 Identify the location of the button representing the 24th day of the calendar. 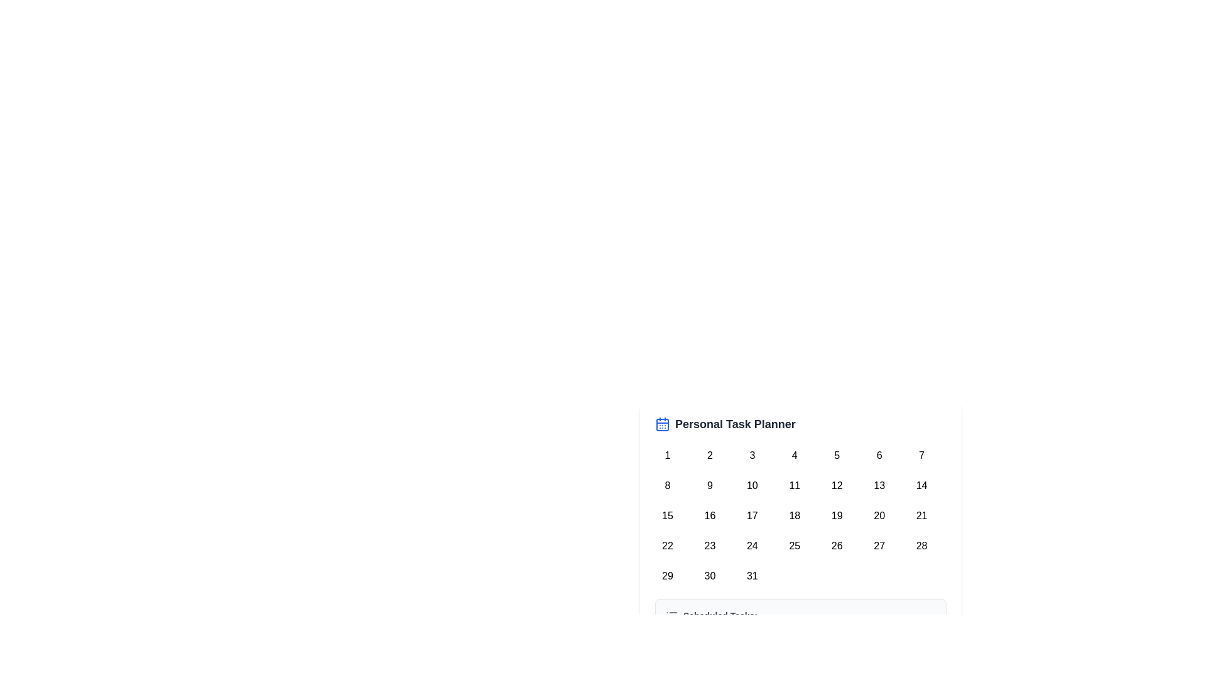
(752, 546).